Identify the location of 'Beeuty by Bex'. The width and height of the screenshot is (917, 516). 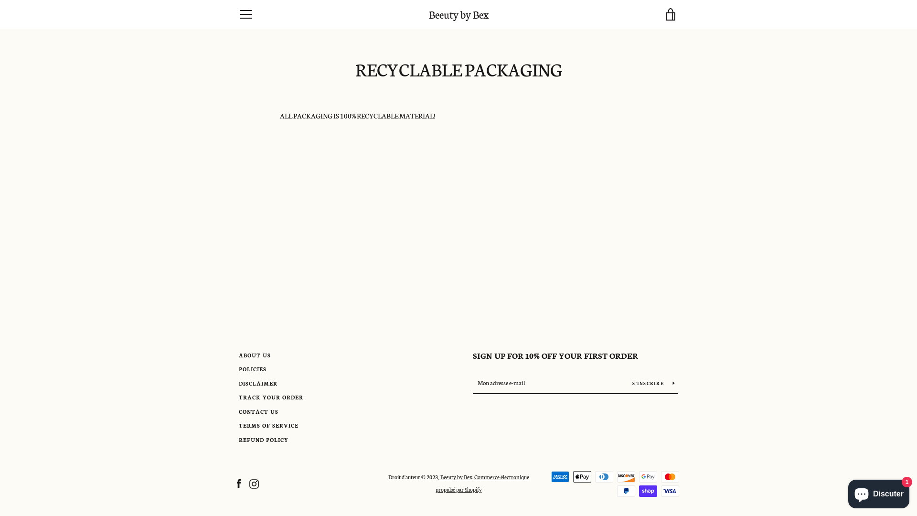
(458, 14).